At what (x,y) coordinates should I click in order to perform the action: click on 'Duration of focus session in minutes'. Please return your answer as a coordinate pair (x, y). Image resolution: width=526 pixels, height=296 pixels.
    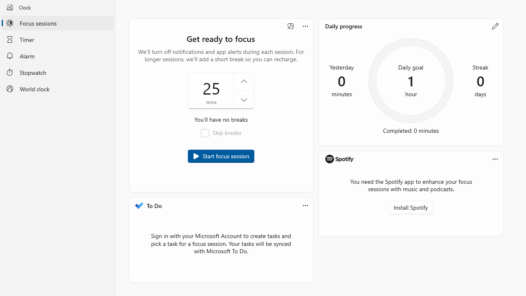
    Looking at the image, I should click on (221, 91).